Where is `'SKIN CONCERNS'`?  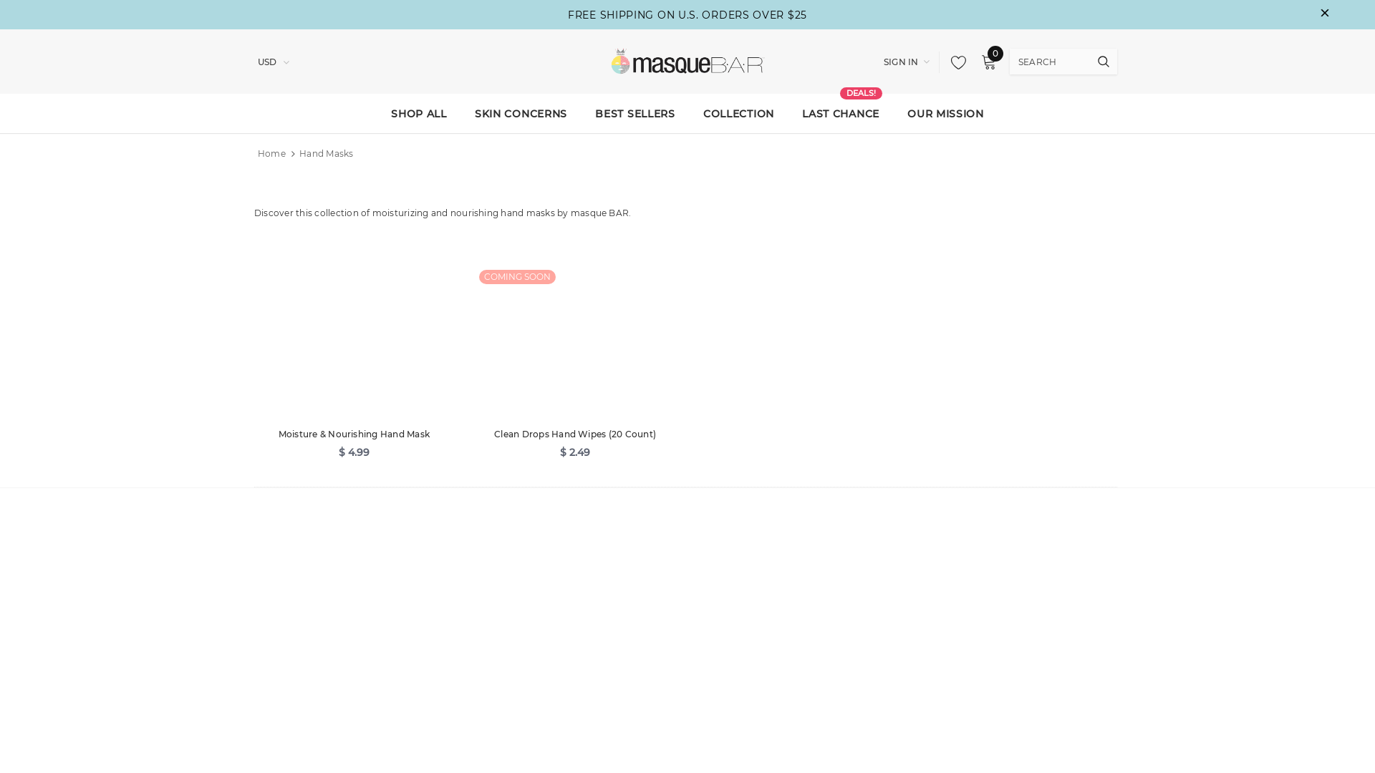 'SKIN CONCERNS' is located at coordinates (520, 112).